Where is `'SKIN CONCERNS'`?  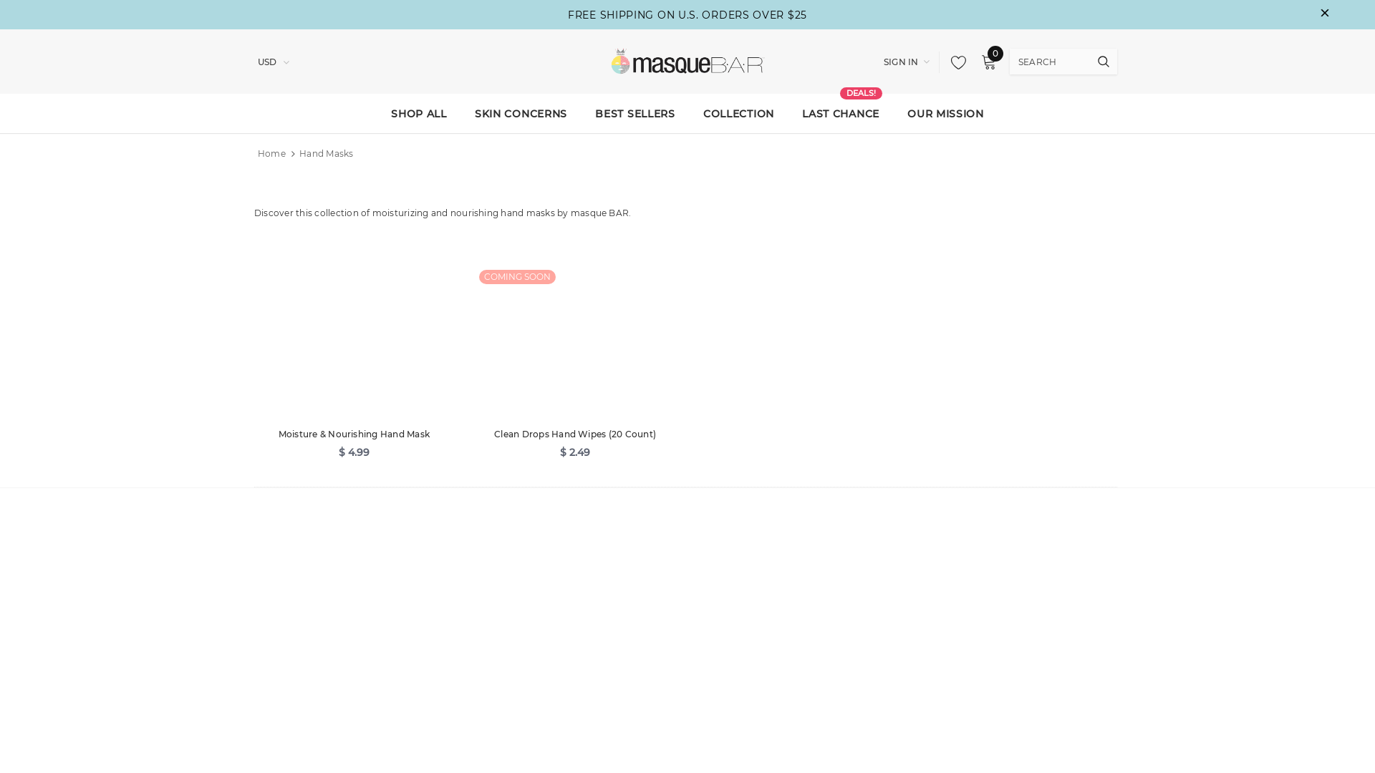 'SKIN CONCERNS' is located at coordinates (520, 112).